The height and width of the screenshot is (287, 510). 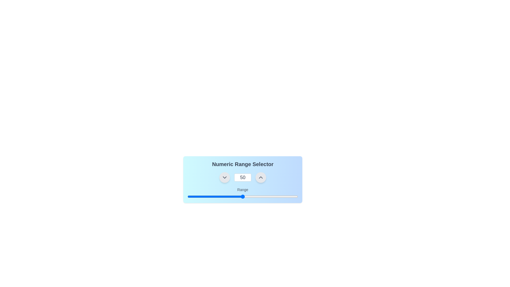 I want to click on range, so click(x=200, y=197).